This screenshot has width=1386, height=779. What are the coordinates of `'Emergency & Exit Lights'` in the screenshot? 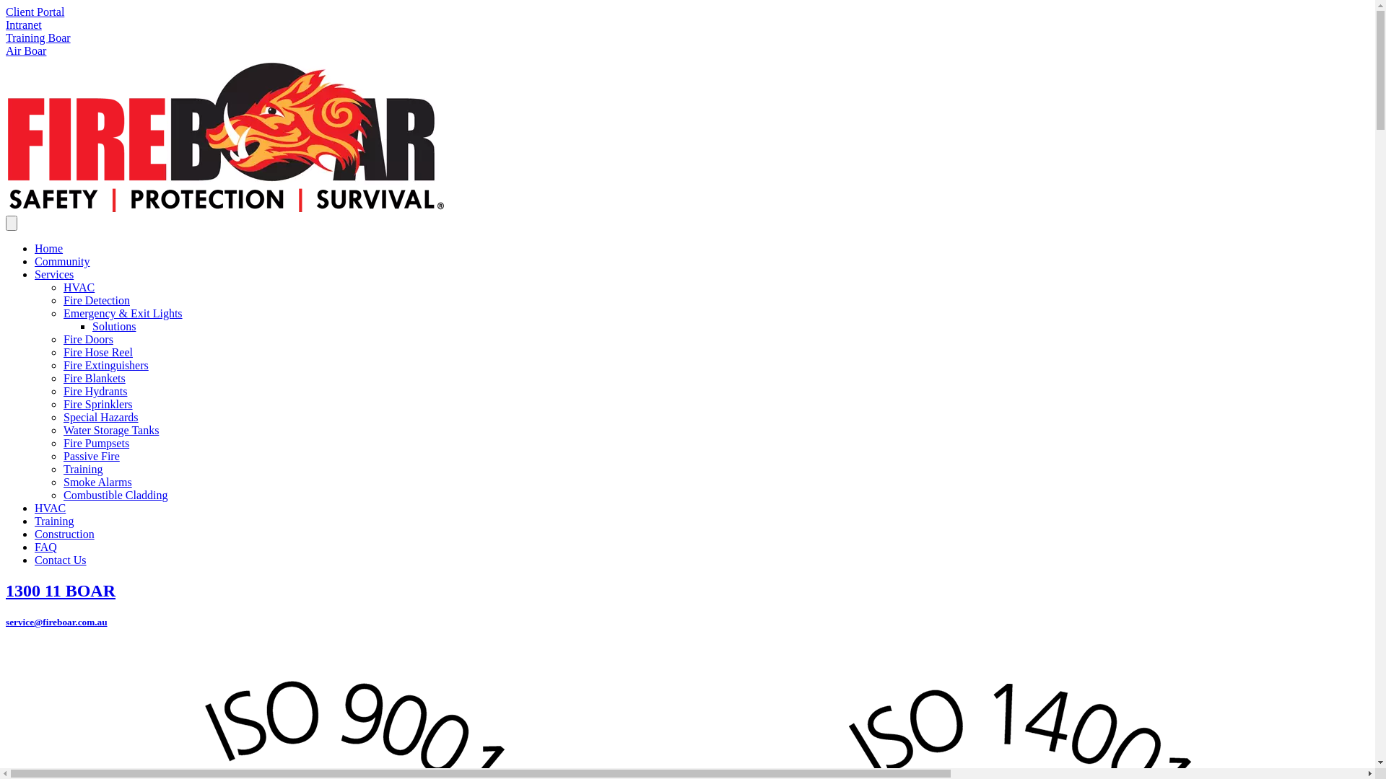 It's located at (123, 312).